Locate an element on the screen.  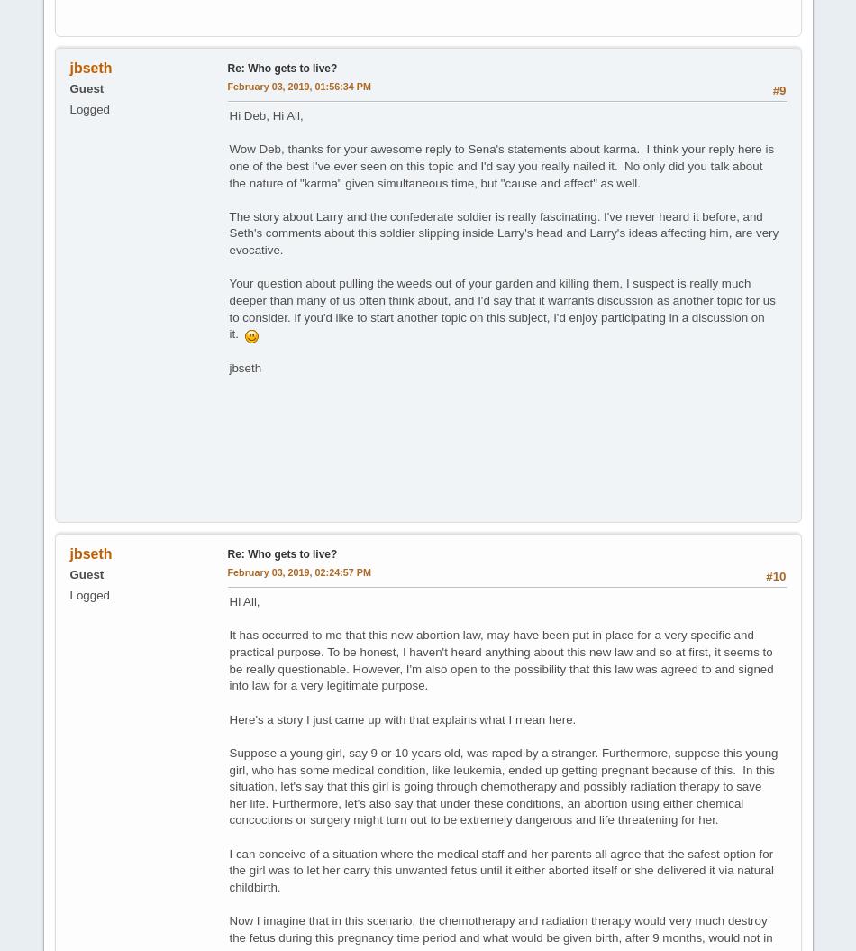
'#10' is located at coordinates (774, 575).